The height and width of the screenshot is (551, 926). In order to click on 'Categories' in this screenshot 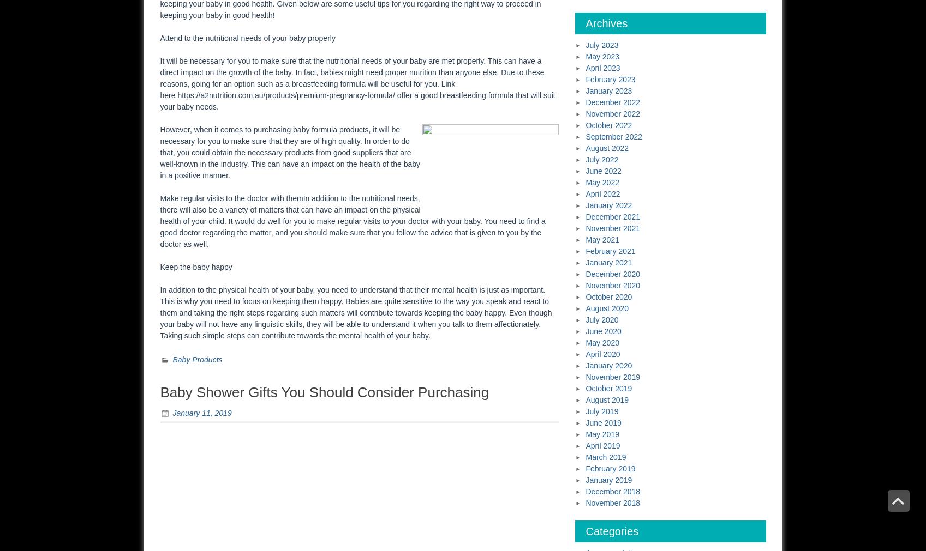, I will do `click(612, 530)`.